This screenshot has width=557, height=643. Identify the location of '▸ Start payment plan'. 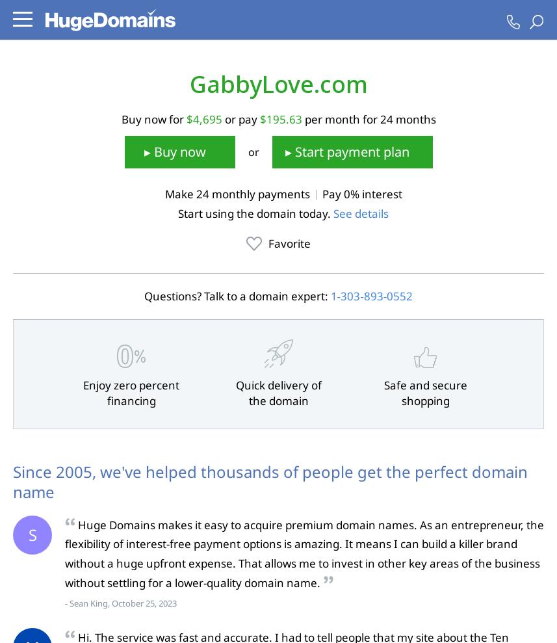
(346, 150).